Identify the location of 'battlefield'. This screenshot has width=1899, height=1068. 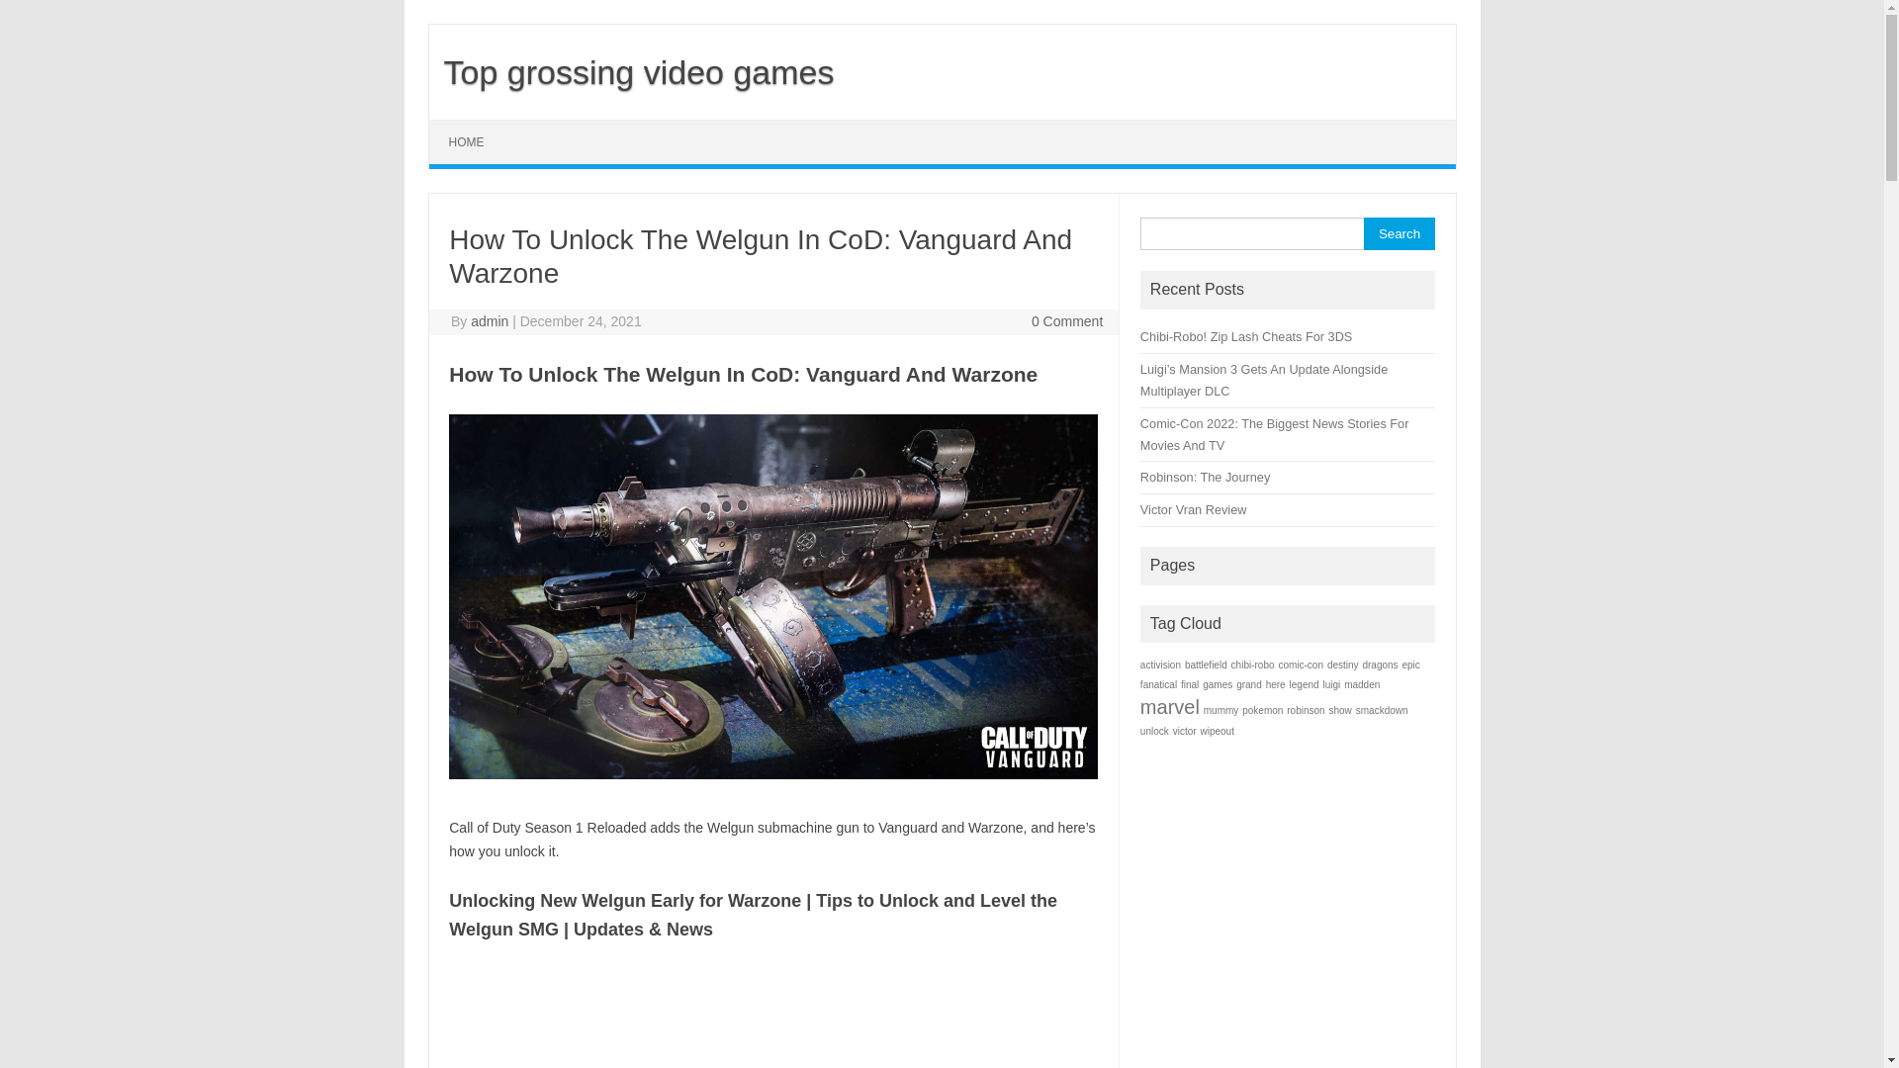
(1205, 665).